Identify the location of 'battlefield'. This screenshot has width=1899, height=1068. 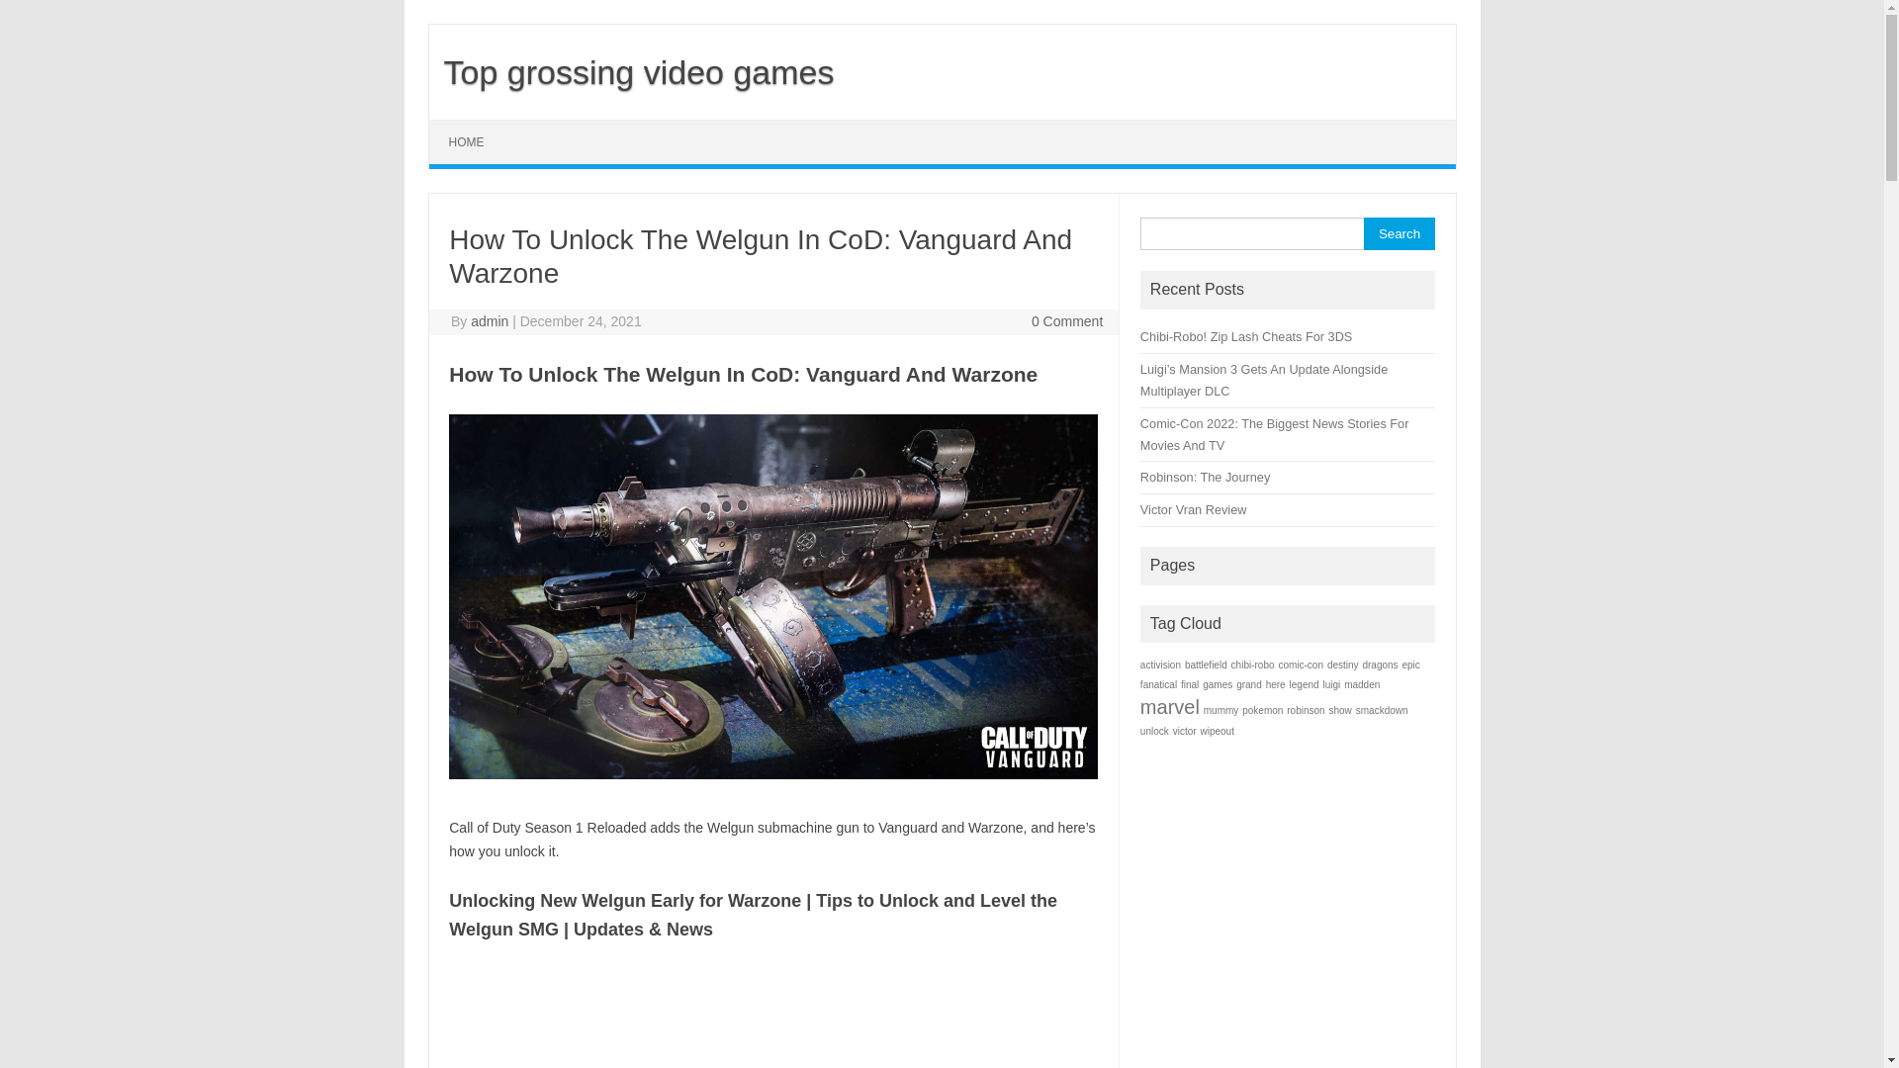
(1205, 665).